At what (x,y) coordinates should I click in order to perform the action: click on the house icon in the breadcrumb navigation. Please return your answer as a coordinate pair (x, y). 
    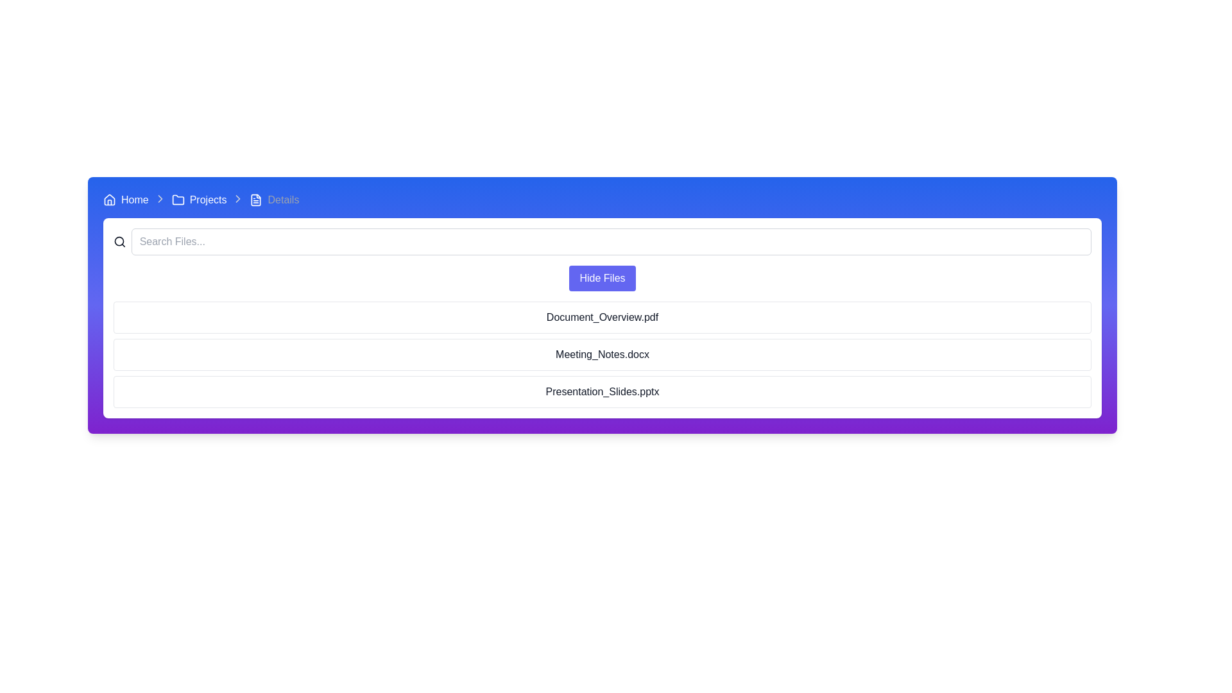
    Looking at the image, I should click on (110, 200).